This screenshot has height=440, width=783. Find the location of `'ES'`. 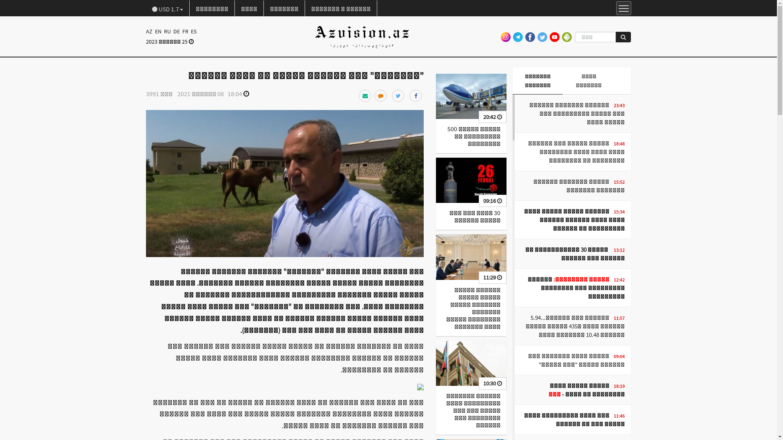

'ES' is located at coordinates (193, 31).